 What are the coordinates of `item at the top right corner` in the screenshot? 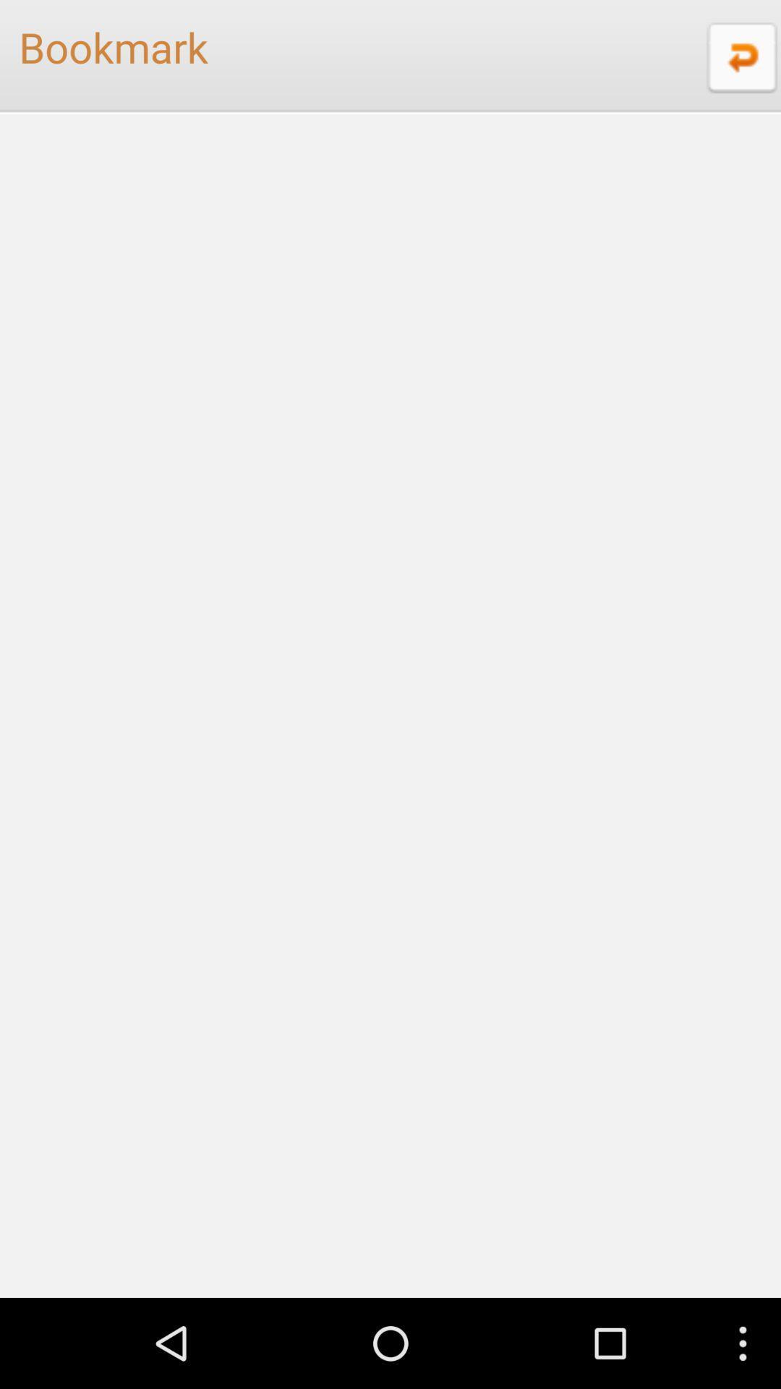 It's located at (740, 56).